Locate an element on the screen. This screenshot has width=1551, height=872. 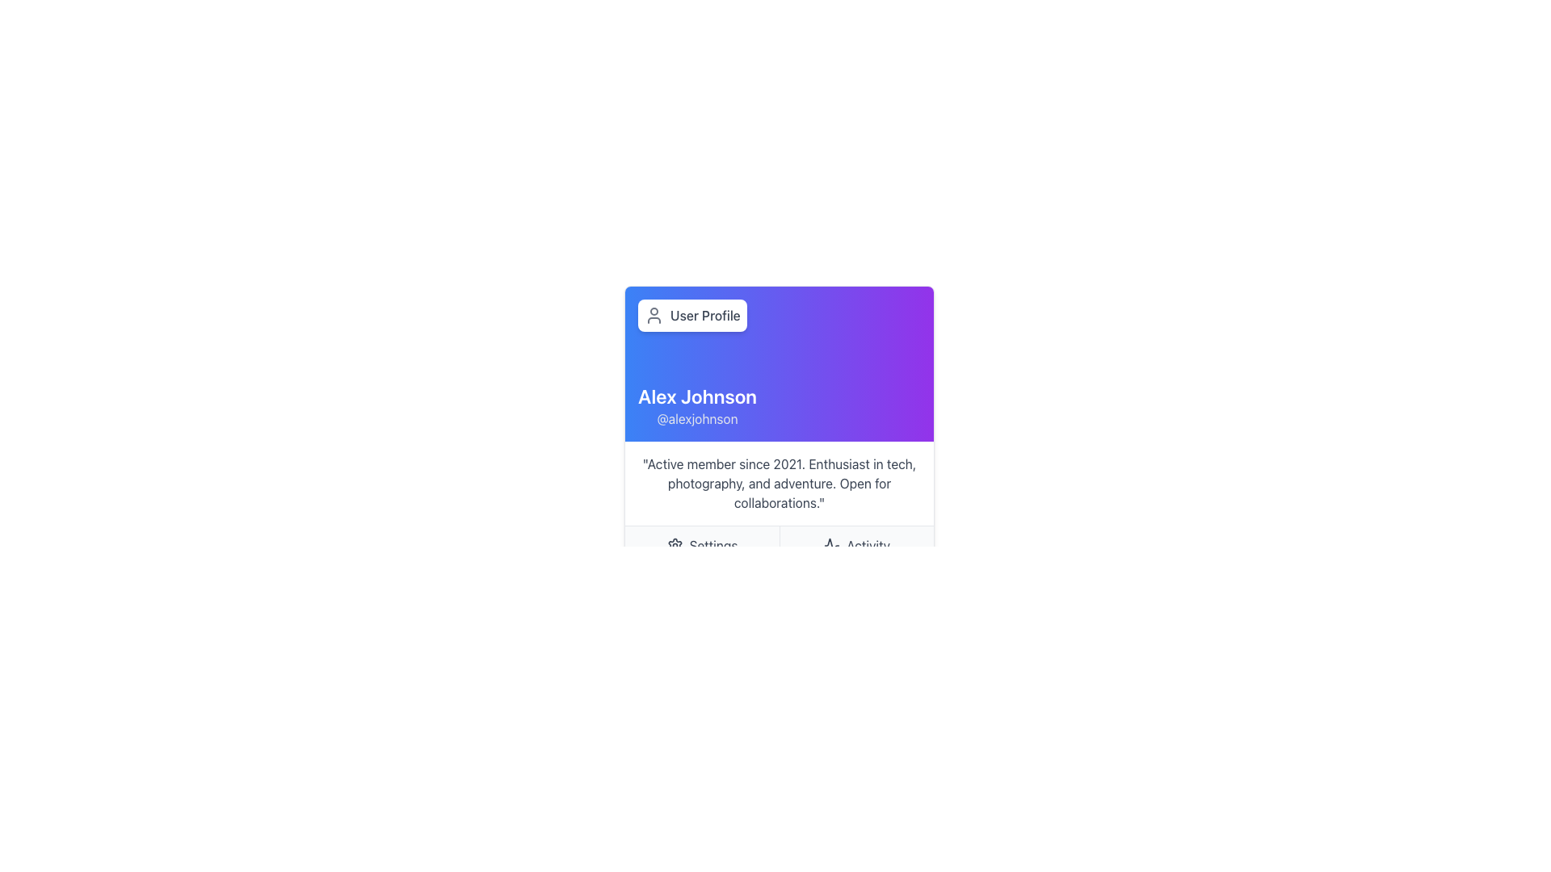
the text block that reads 'Active member since 2021. Enthusiast in tech, photography, and adventure. Open for collaborations.' which is styled in gray and located below the name and username section of the user profile area is located at coordinates (779, 482).